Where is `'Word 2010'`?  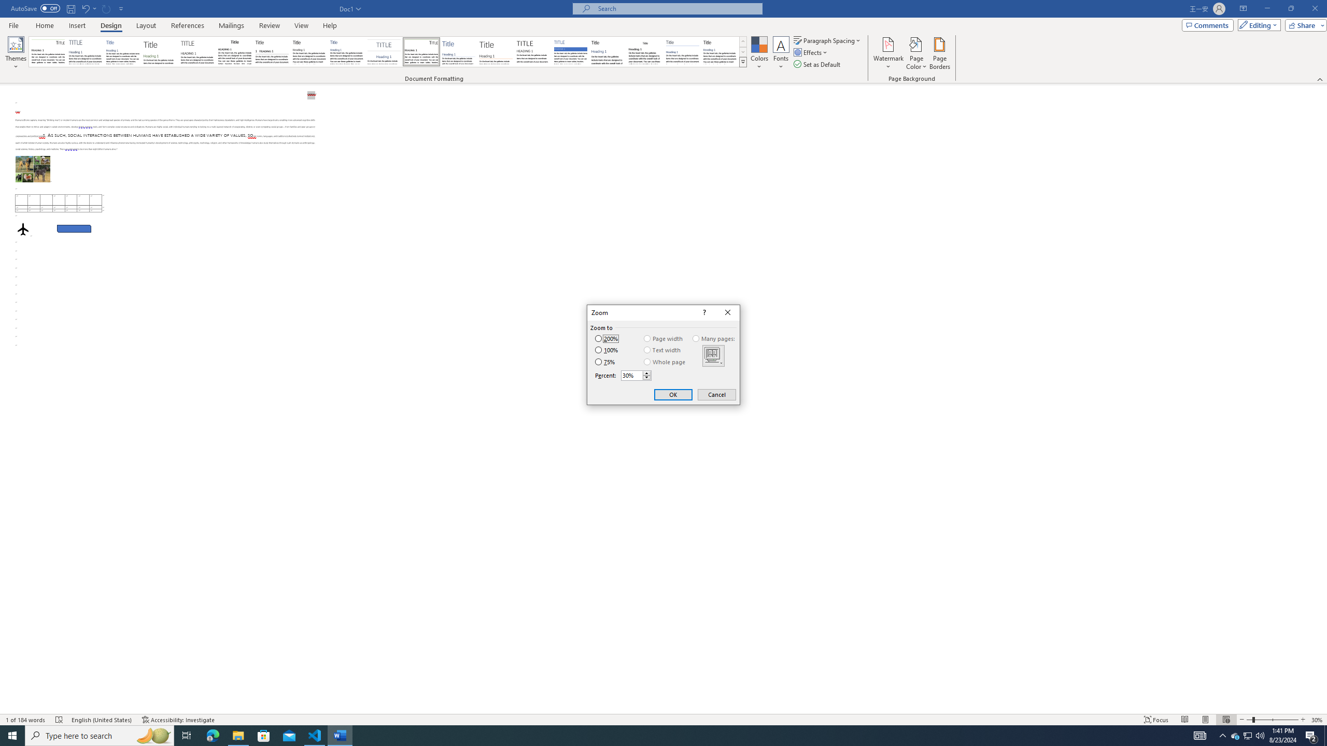
'Word 2010' is located at coordinates (682, 51).